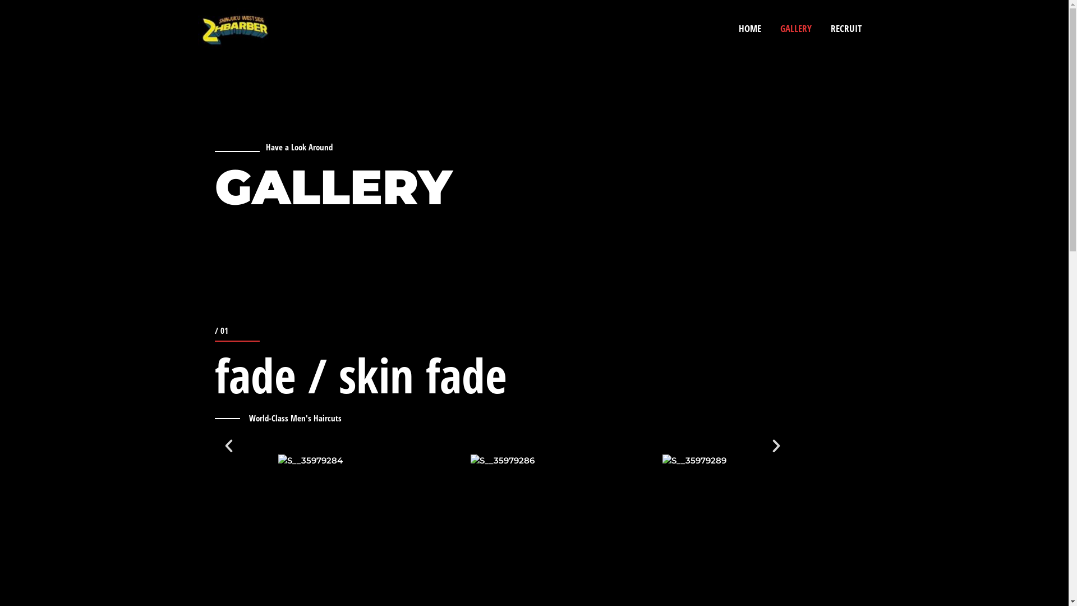  I want to click on 'HOME', so click(750, 27).